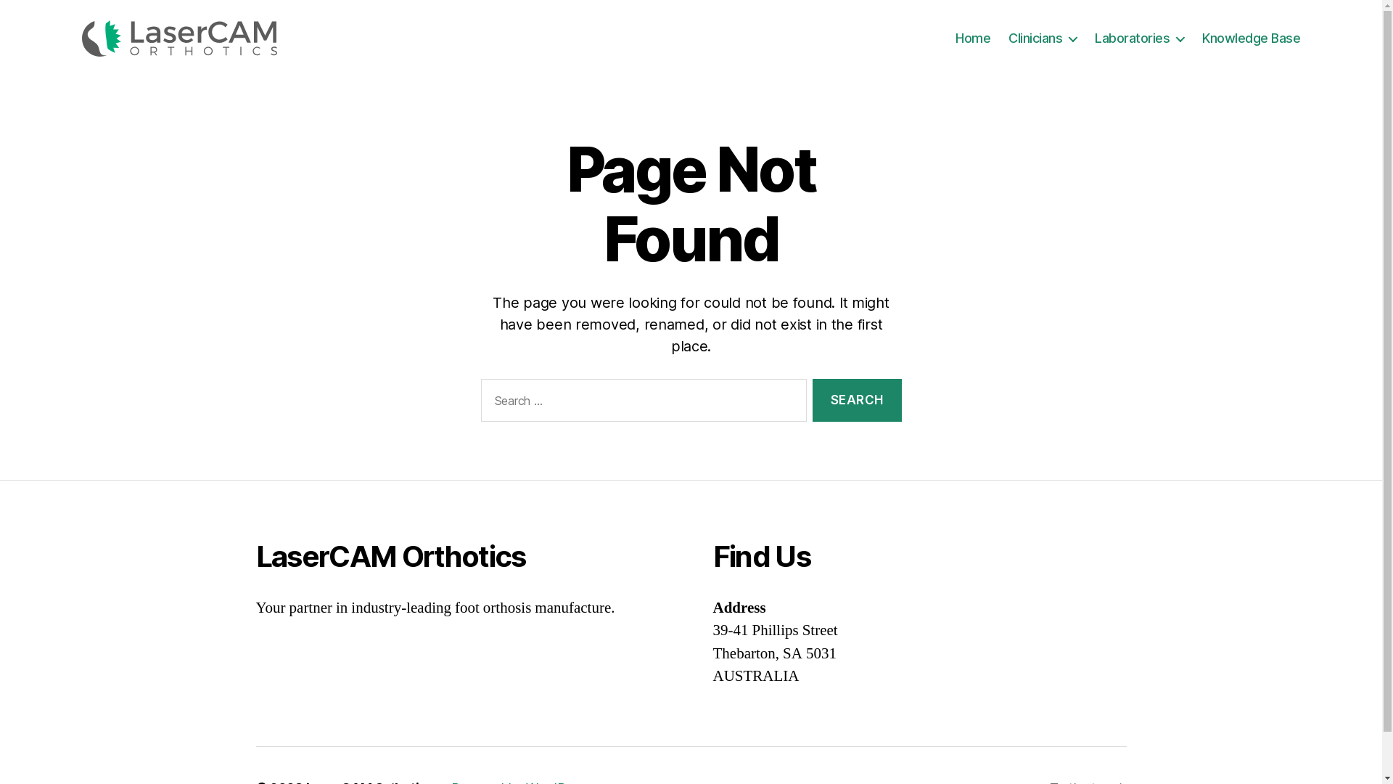  I want to click on 'Laboratories', so click(1138, 38).